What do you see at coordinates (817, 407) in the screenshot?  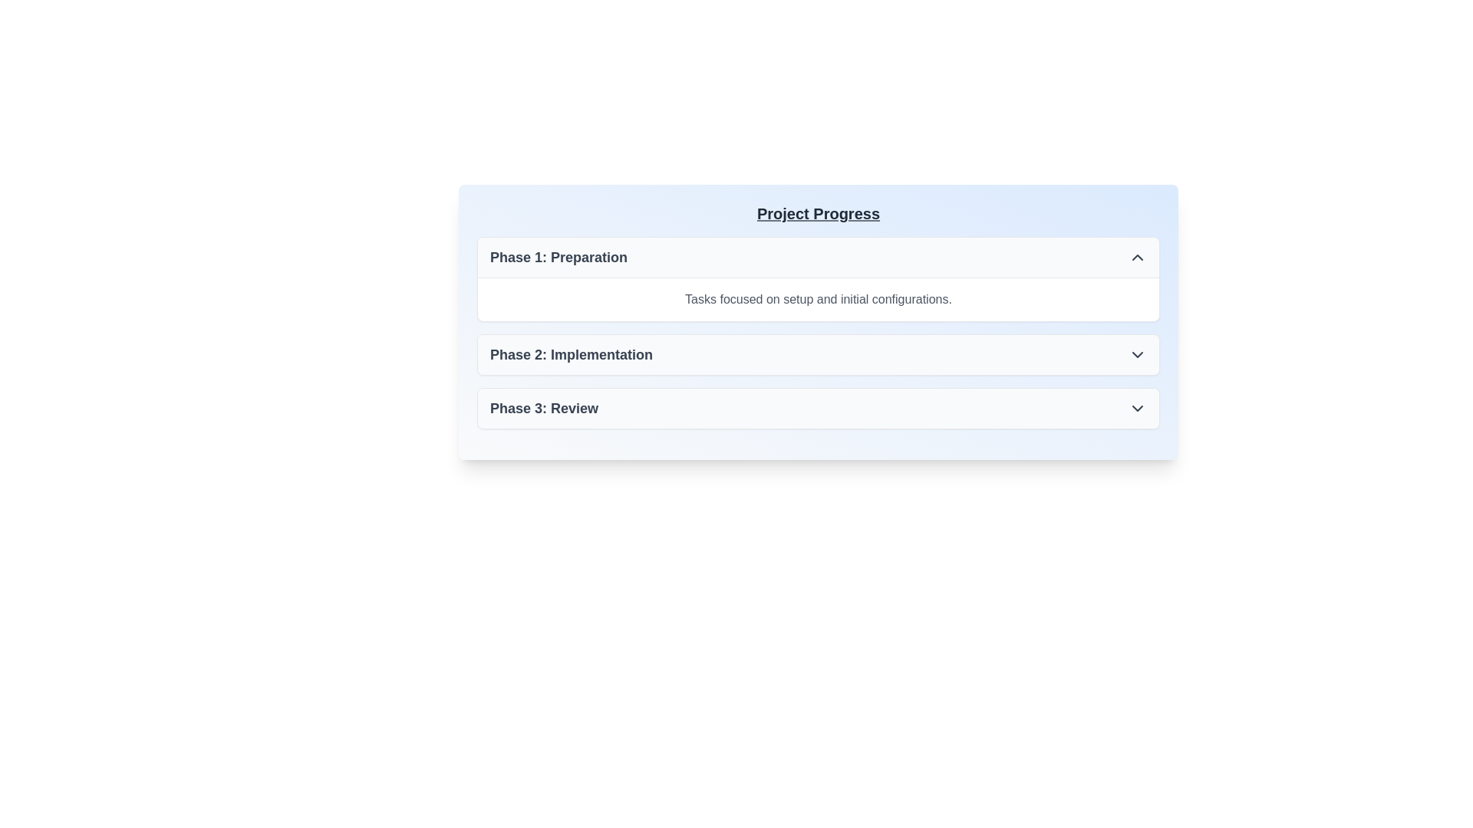 I see `the toggle button for expanding or collapsing the content related to 'Phase 3: Review' located in the 'Project Progress' section` at bounding box center [817, 407].